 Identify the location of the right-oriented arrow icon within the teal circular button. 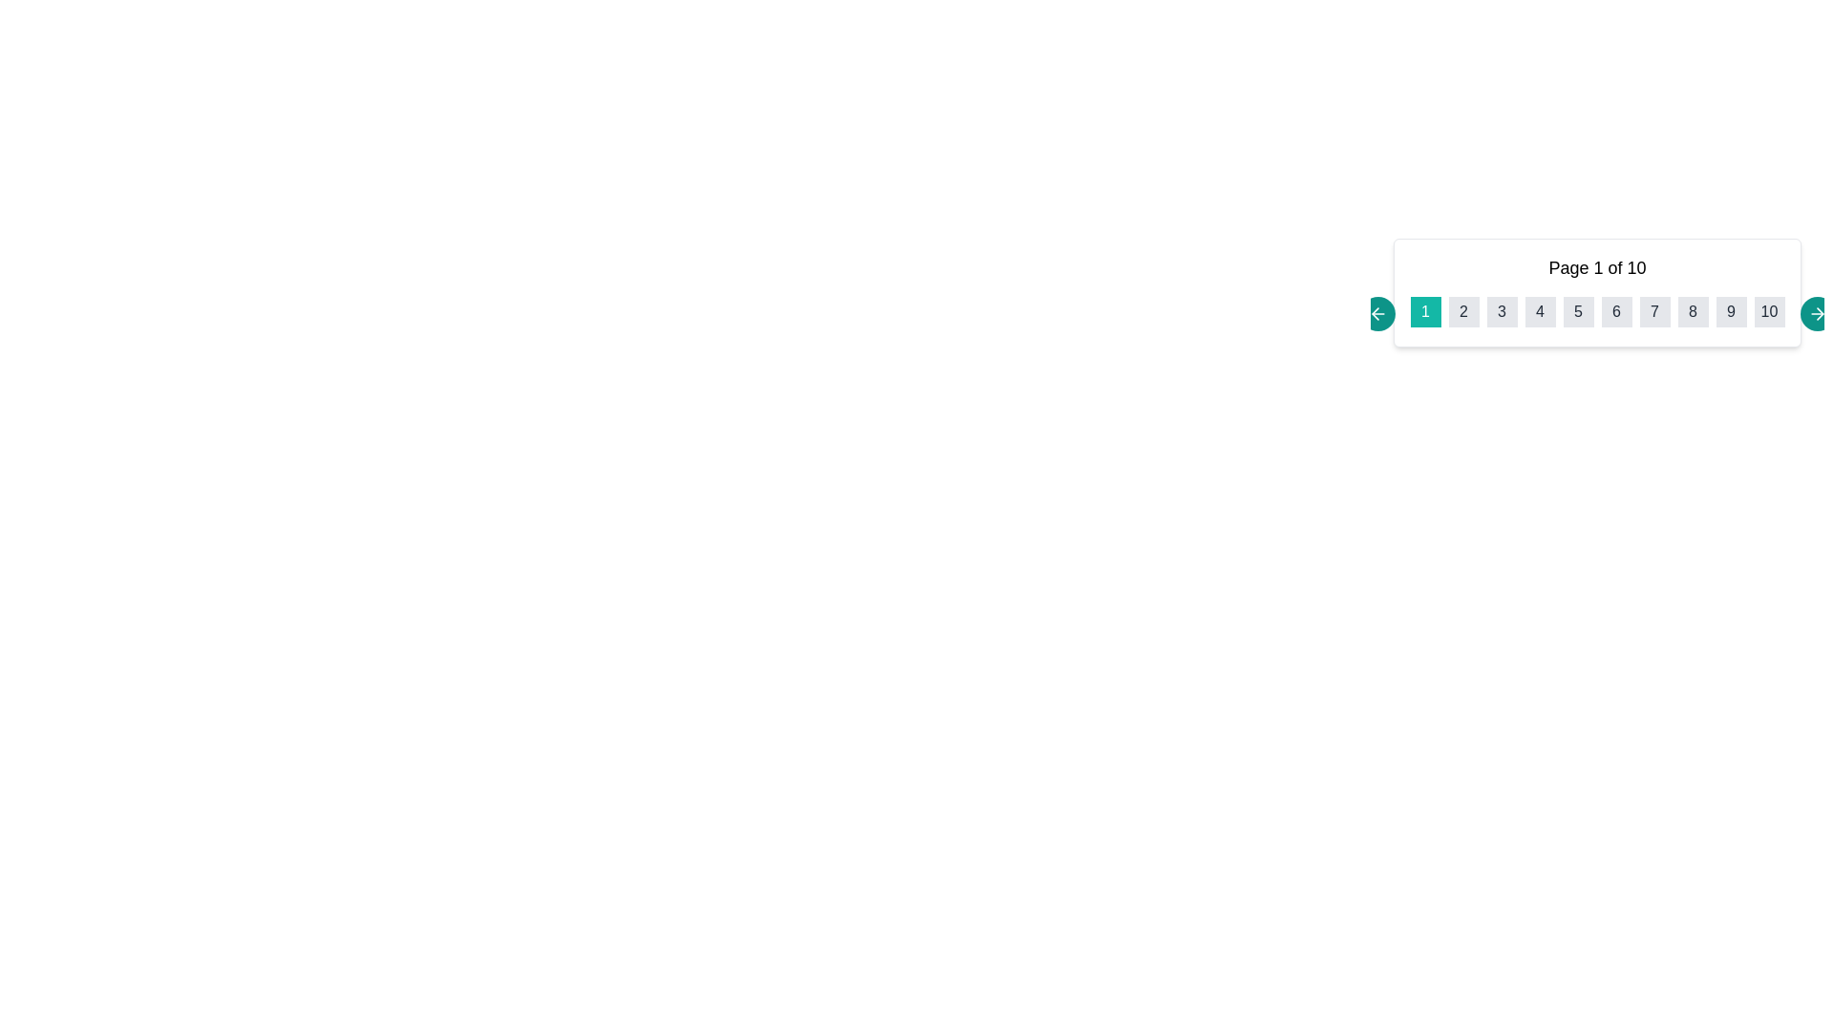
(1816, 312).